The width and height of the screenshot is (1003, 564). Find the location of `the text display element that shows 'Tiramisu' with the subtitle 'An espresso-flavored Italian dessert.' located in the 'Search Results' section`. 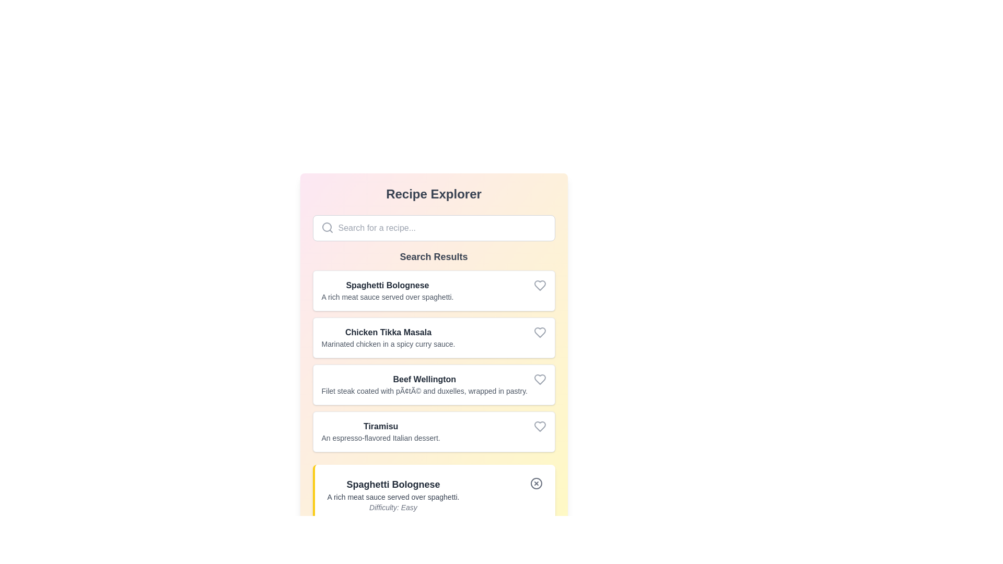

the text display element that shows 'Tiramisu' with the subtitle 'An espresso-flavored Italian dessert.' located in the 'Search Results' section is located at coordinates (380, 431).